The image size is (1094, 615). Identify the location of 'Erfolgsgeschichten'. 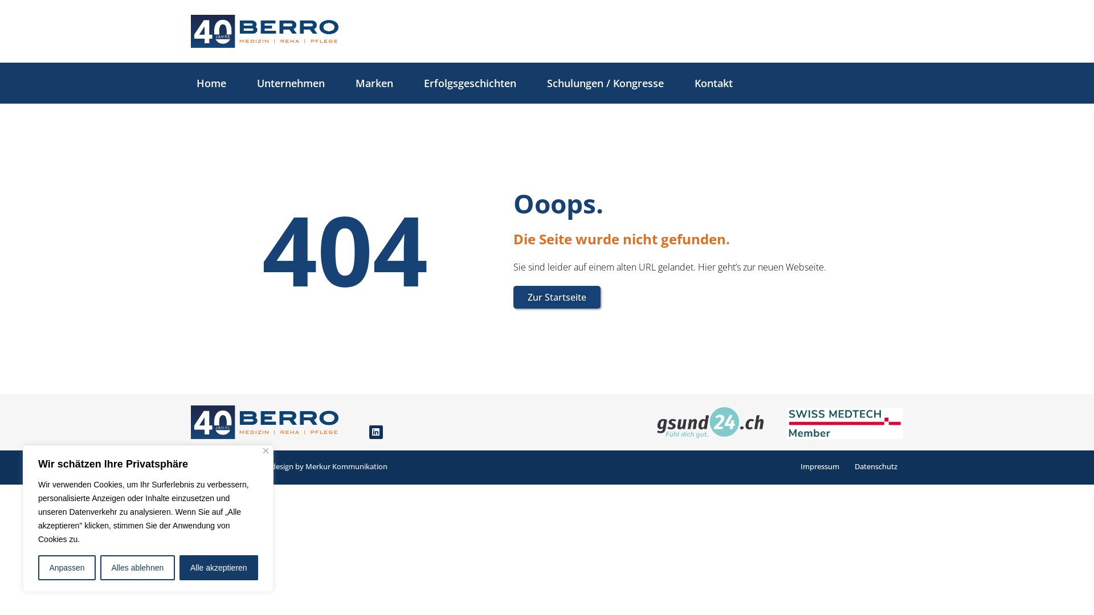
(470, 83).